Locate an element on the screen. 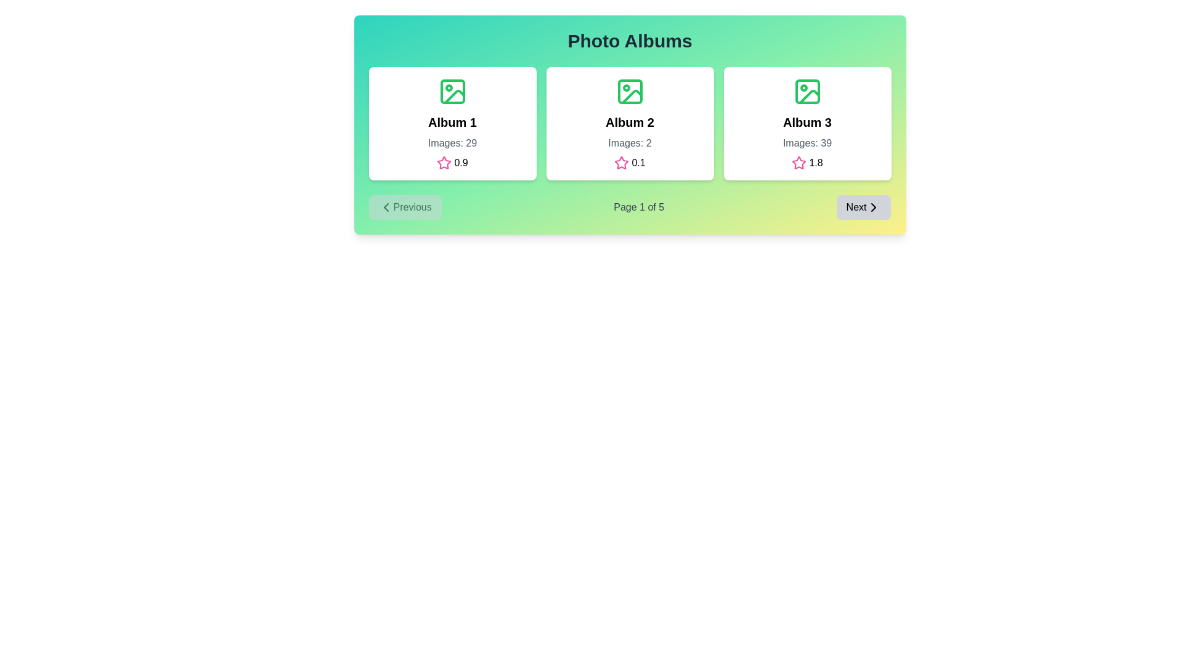 The image size is (1183, 665). the text label displaying the current rating or score for 'Album 1', located below the 'Album 1' card in the Photo Albums interface, aligned with the pink star icon is located at coordinates (460, 163).